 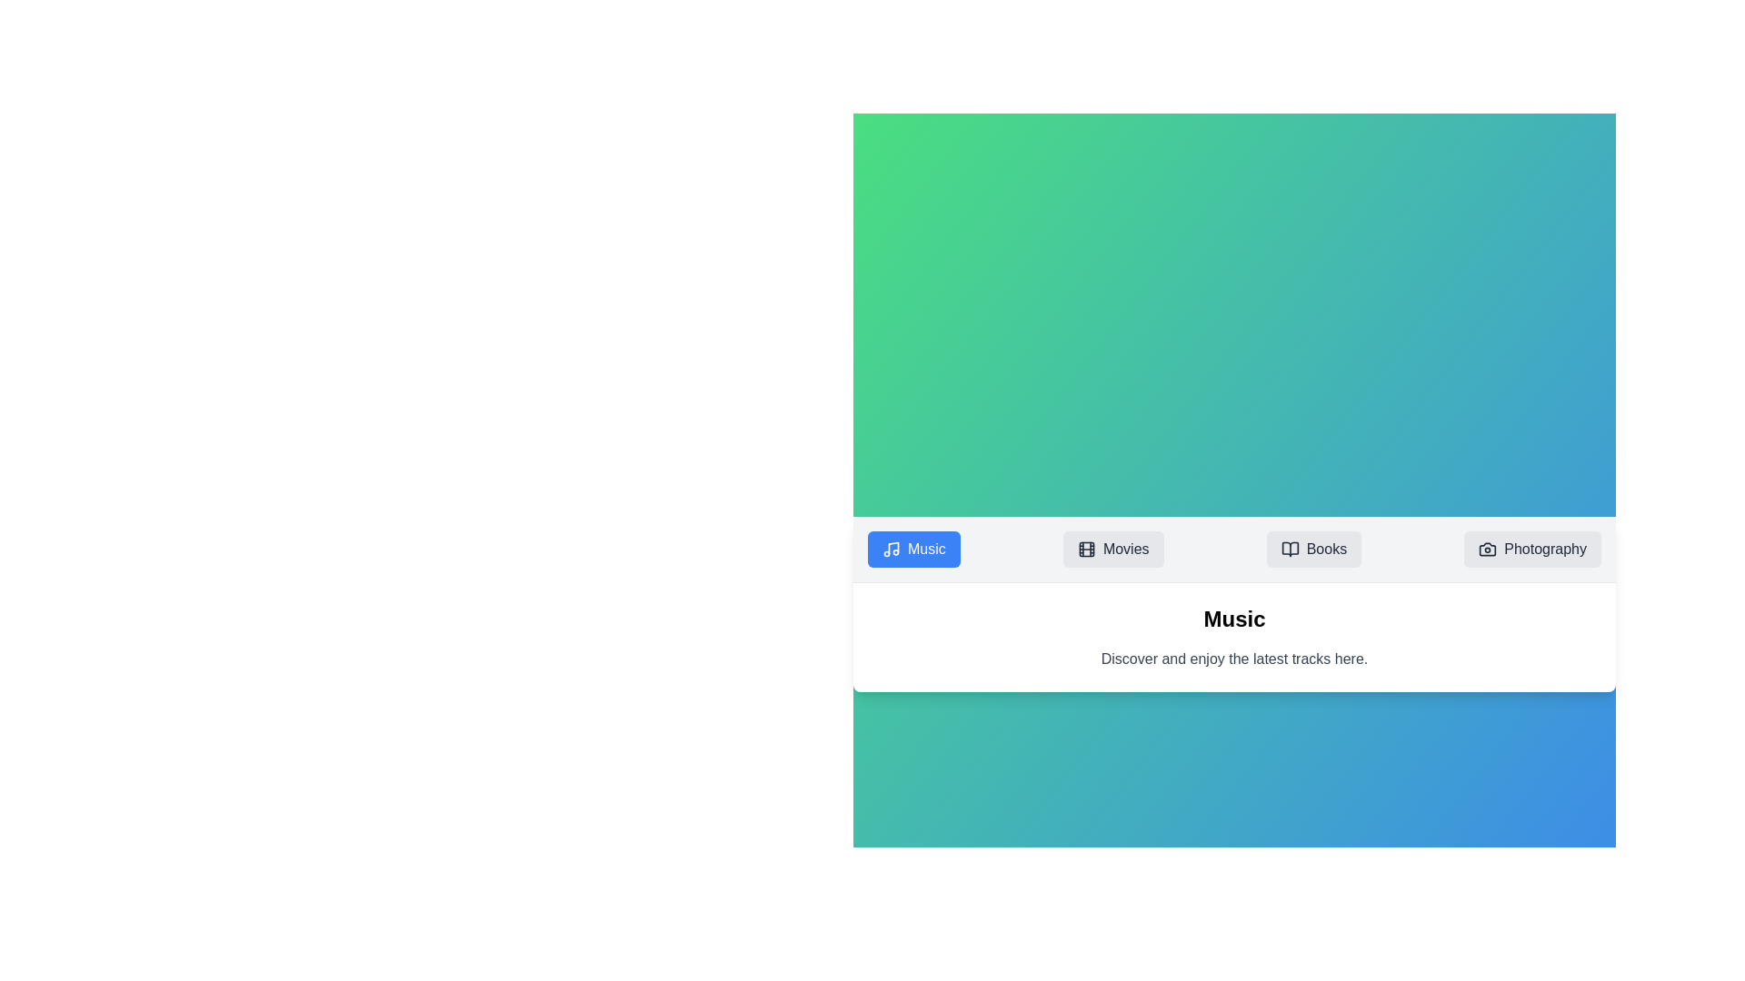 What do you see at coordinates (891, 548) in the screenshot?
I see `the 'Music' icon in the navigation bar` at bounding box center [891, 548].